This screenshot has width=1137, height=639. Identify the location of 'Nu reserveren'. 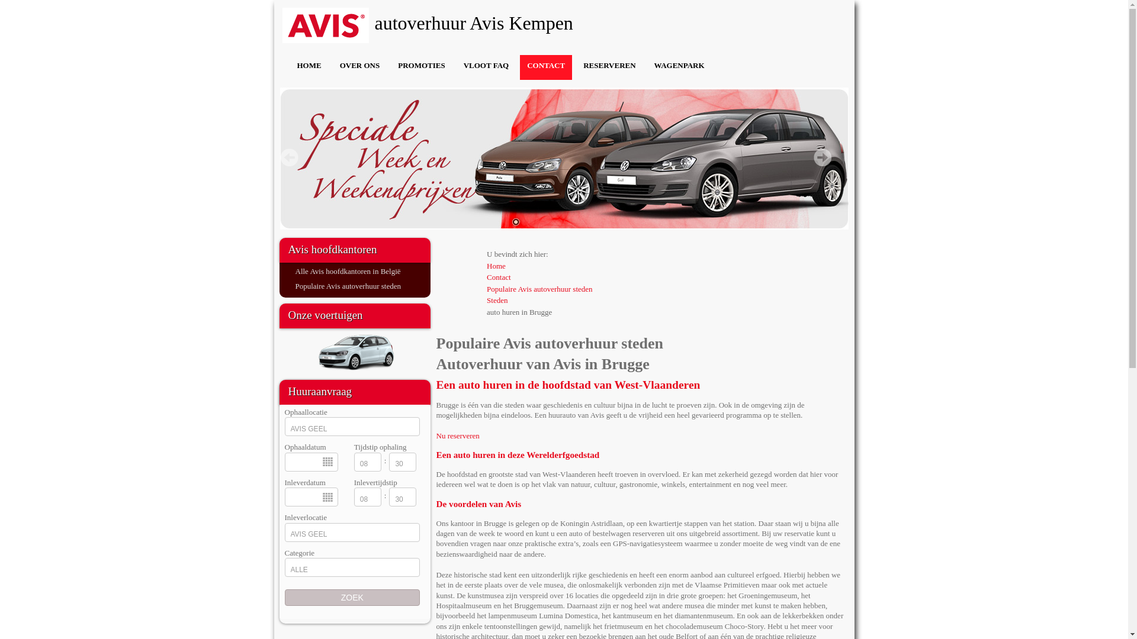
(457, 435).